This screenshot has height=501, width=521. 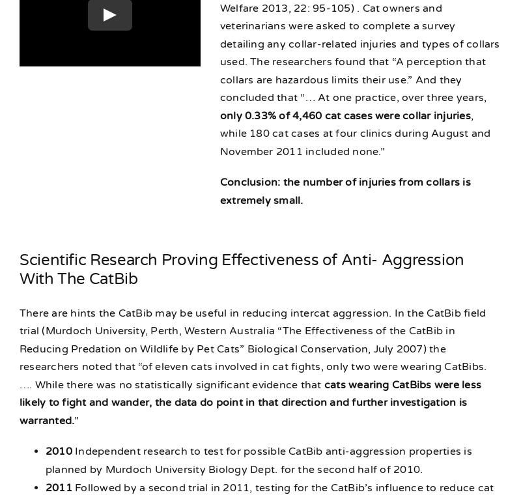 What do you see at coordinates (219, 51) in the screenshot?
I see `'. Cat owners and veterinarians were asked to complete a survey detailing any collar-related injuries and types of collars used. The researchers found that “A perception that collars are hazardous limits their use.” And they concluded that “… At one practice, over three years,'` at bounding box center [219, 51].